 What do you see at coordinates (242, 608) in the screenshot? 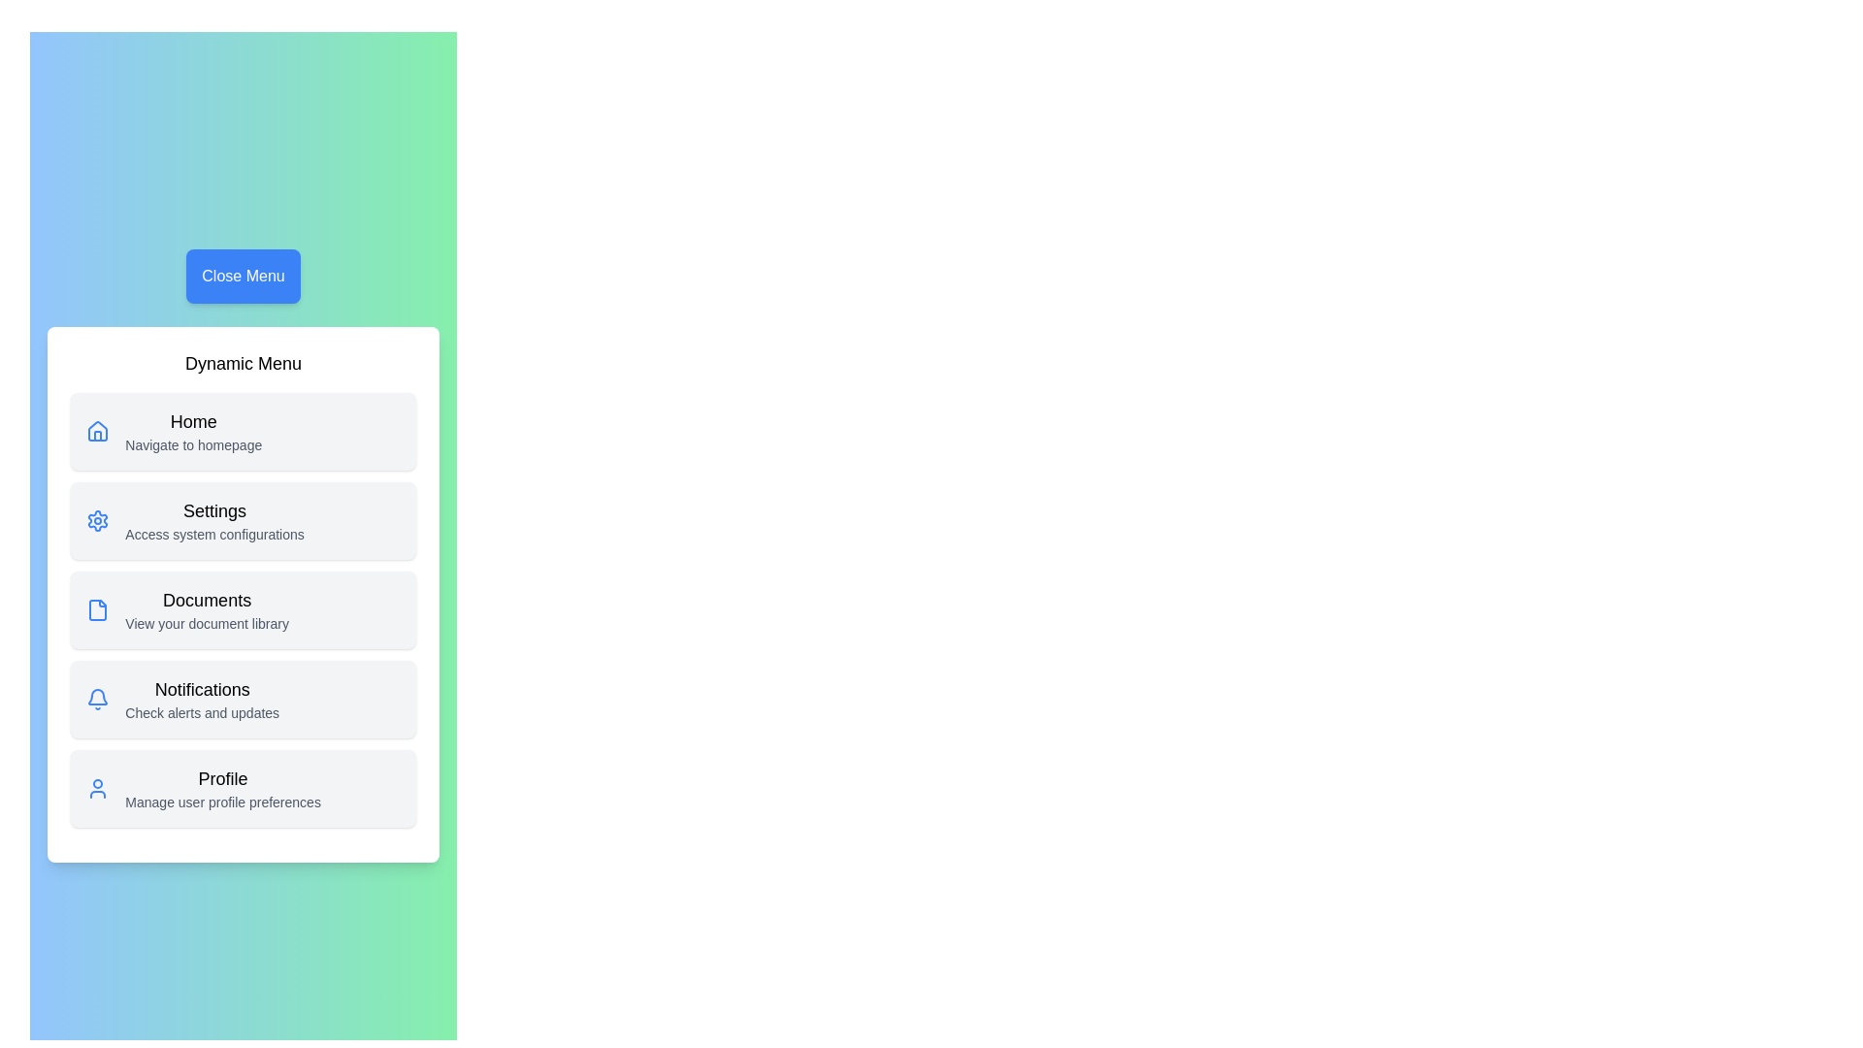
I see `the menu item corresponding to Documents` at bounding box center [242, 608].